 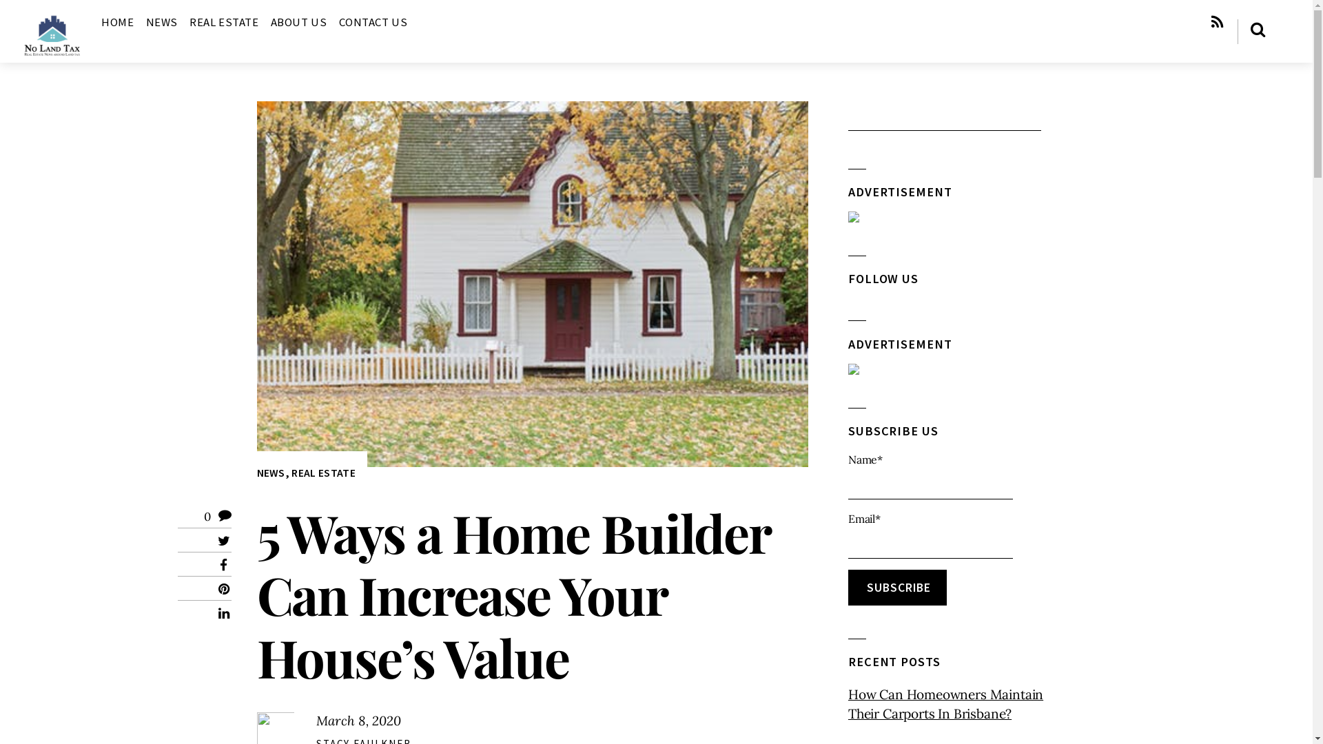 I want to click on 'HOME', so click(x=117, y=22).